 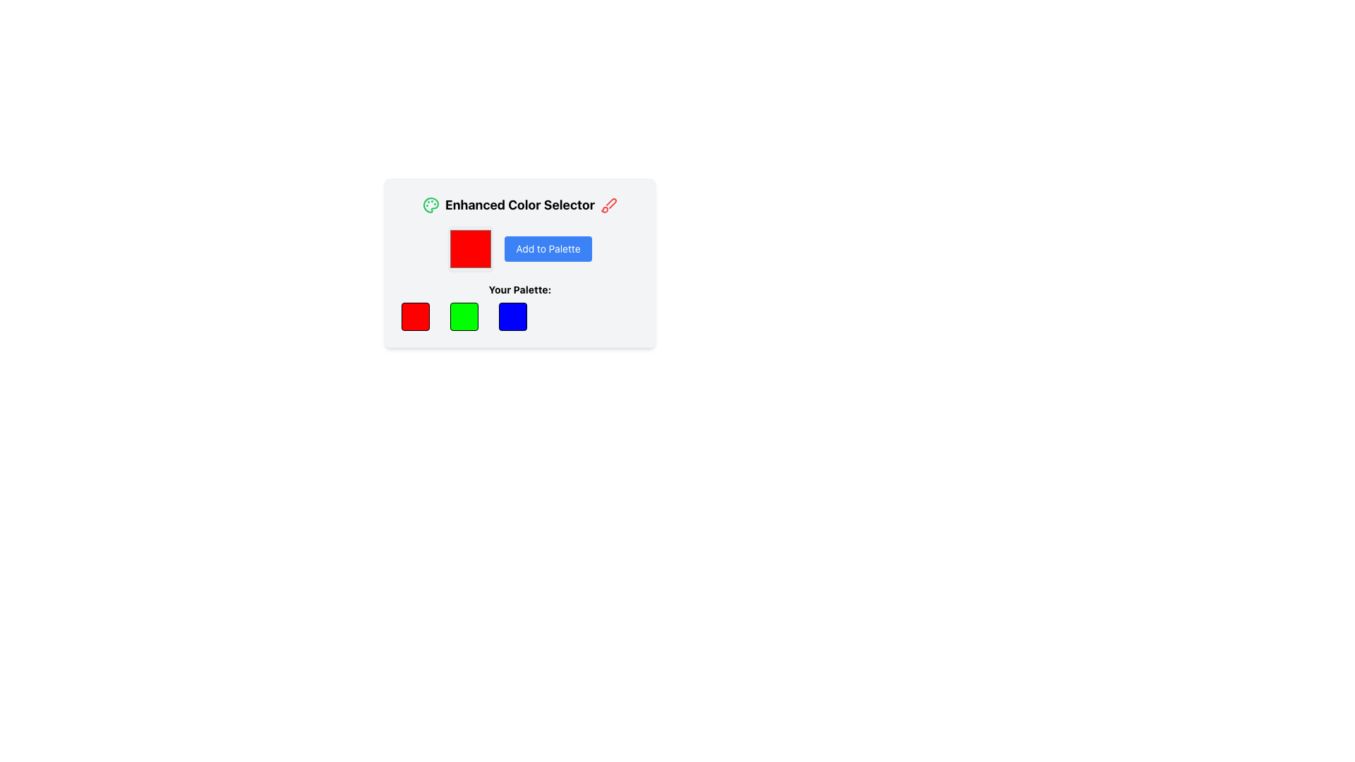 What do you see at coordinates (464, 315) in the screenshot?
I see `the second green square in the 'Your Palette' section, which is surrounded by a red square on the left and a blue square on the right` at bounding box center [464, 315].